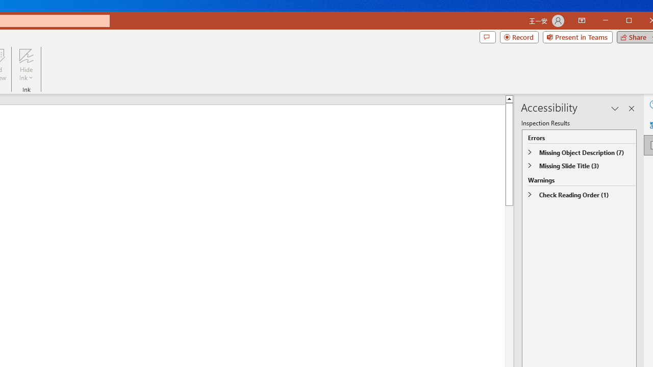 The image size is (653, 367). I want to click on 'Present in Teams', so click(577, 37).